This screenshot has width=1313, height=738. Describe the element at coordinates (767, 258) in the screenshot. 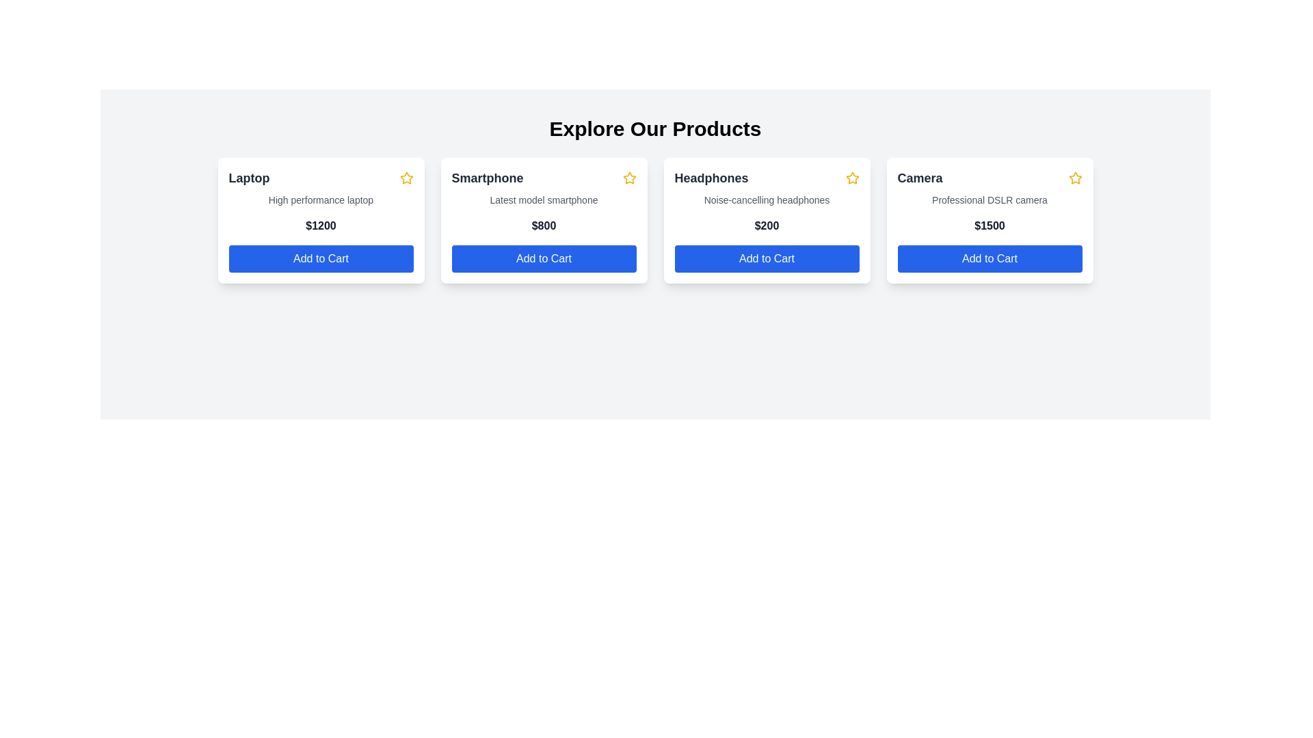

I see `the 'Add to Cart' button for the Headphones product located in the third product card from the left` at that location.